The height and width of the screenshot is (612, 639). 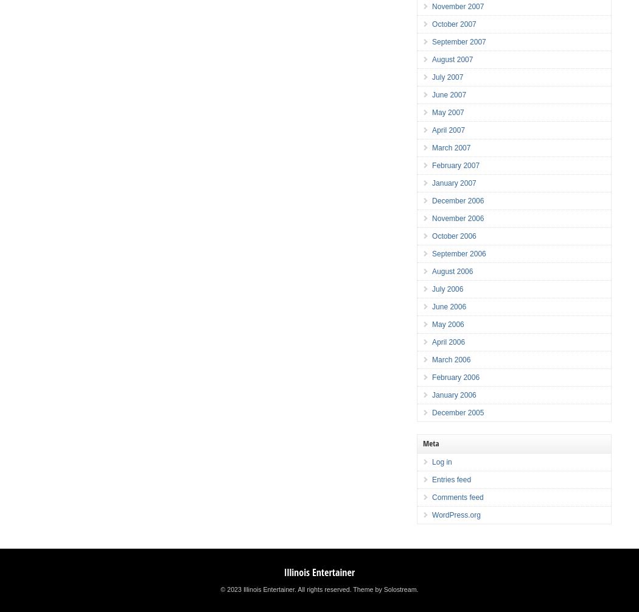 What do you see at coordinates (441, 461) in the screenshot?
I see `'Log in'` at bounding box center [441, 461].